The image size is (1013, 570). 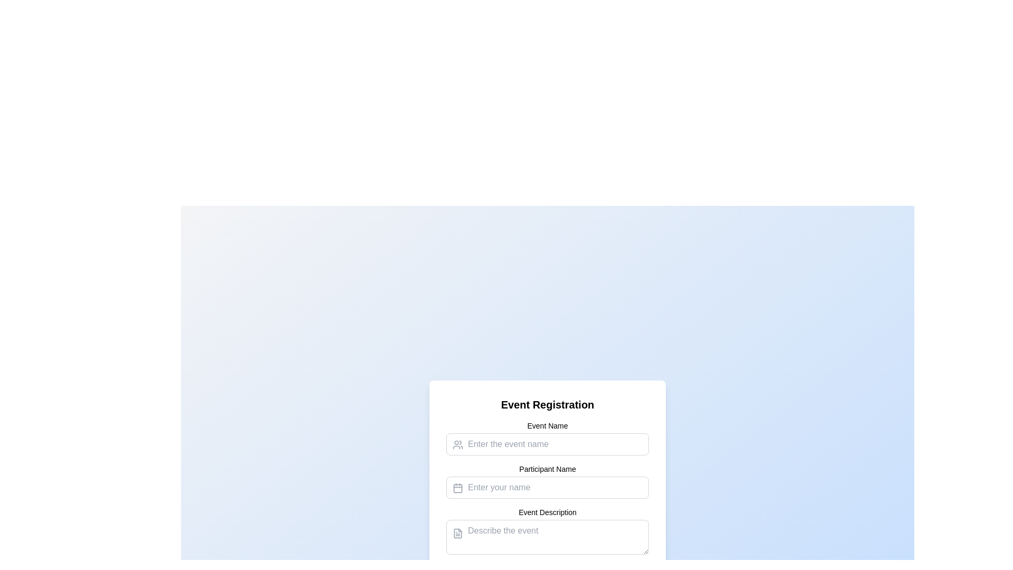 What do you see at coordinates (458, 488) in the screenshot?
I see `the calendar icon located to the left of the 'Enter your name' text field in the 'Participant Name' section` at bounding box center [458, 488].